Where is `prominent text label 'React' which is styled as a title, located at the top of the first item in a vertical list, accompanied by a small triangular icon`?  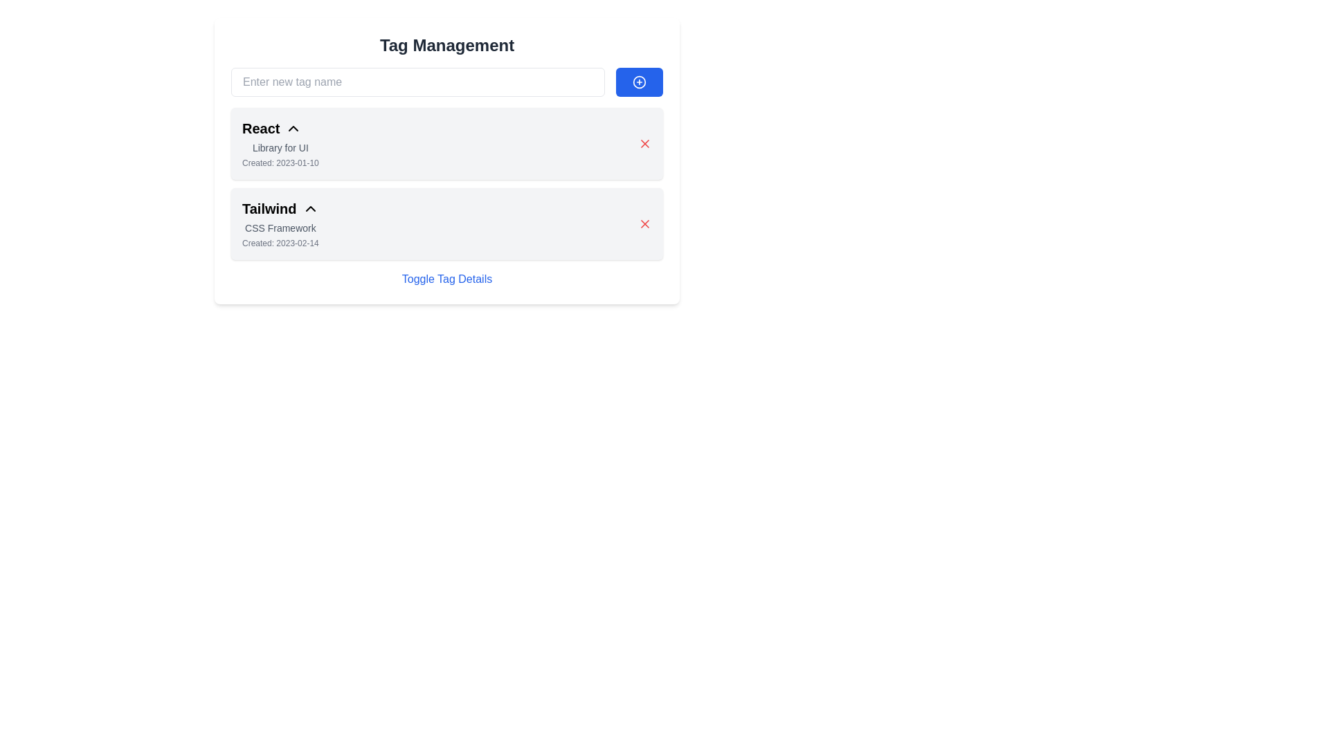
prominent text label 'React' which is styled as a title, located at the top of the first item in a vertical list, accompanied by a small triangular icon is located at coordinates (280, 128).